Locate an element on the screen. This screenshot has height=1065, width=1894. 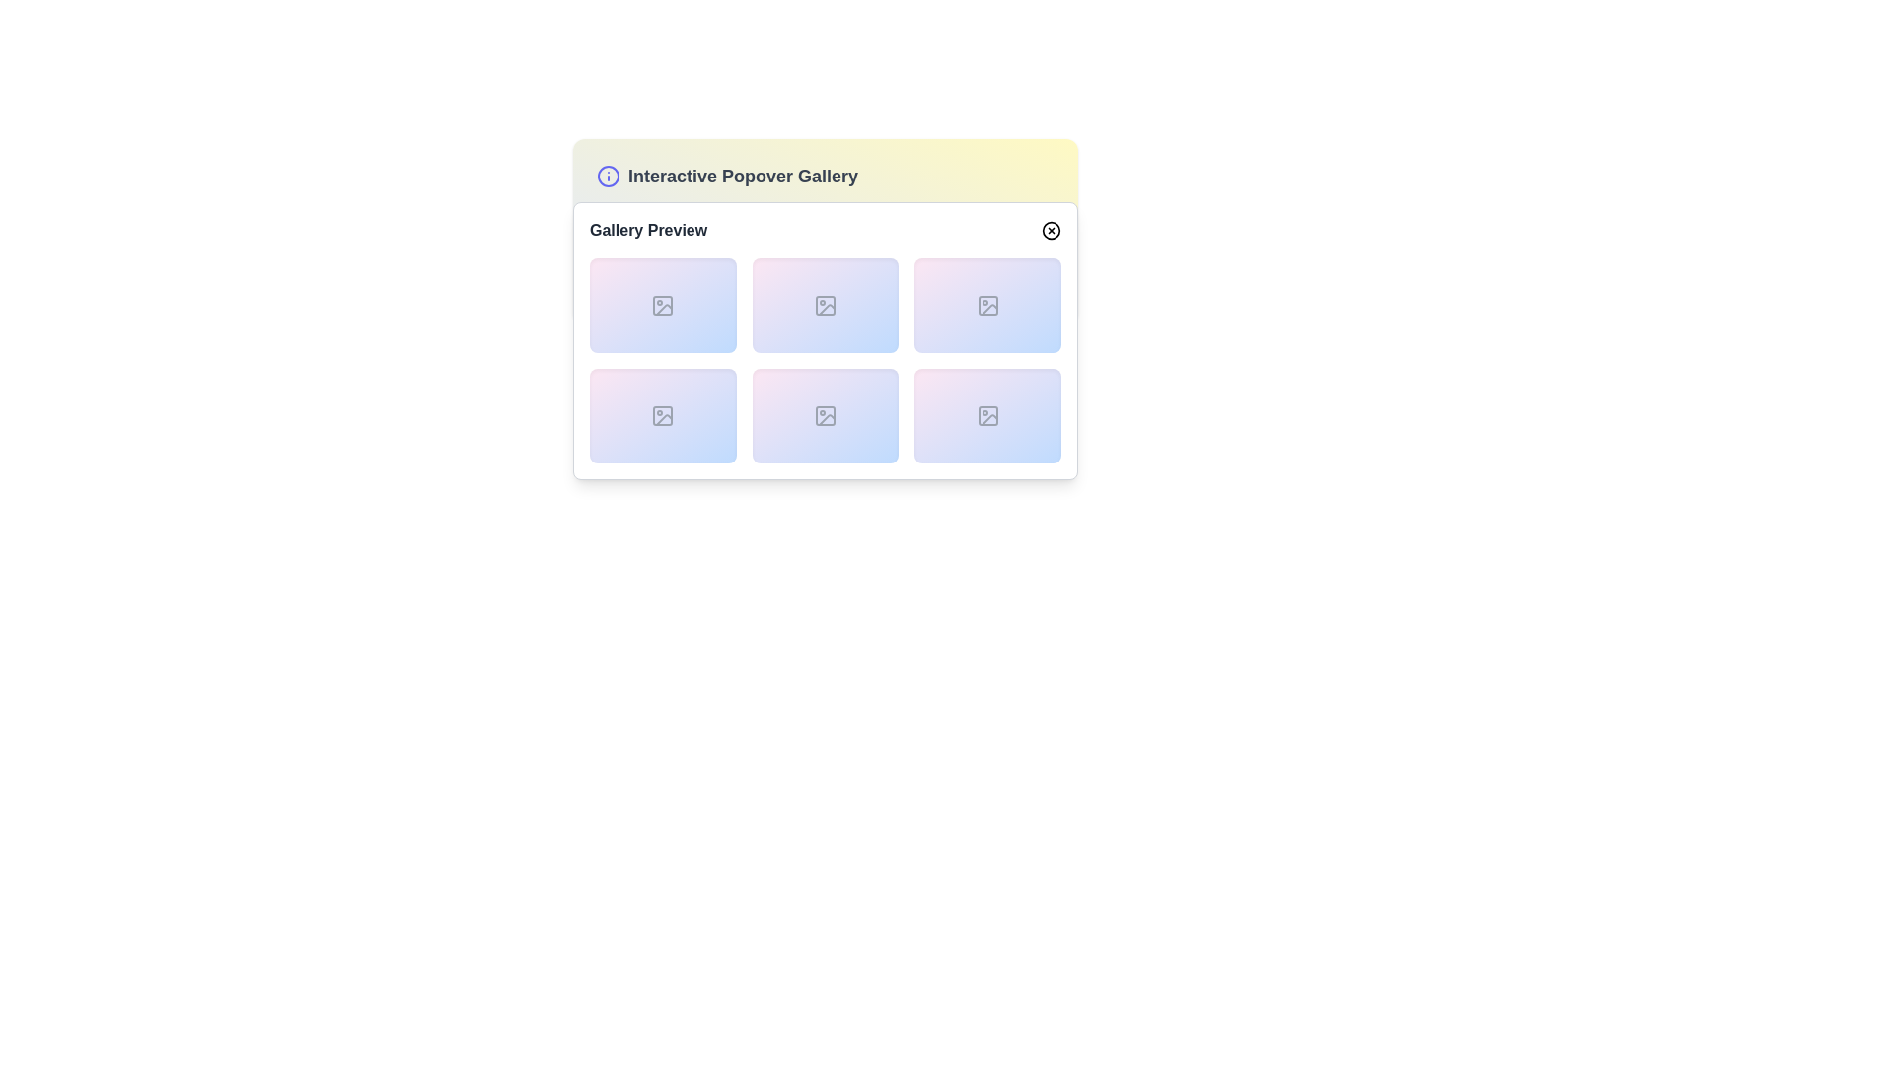
the image placeholder panel, which is a rectangular panel with a gradient background transitioning from pink to light blue, featuring a centered broken image icon, located in the second row and middle column of the modal titled 'Interactive Popover Gallery' is located at coordinates (825, 414).